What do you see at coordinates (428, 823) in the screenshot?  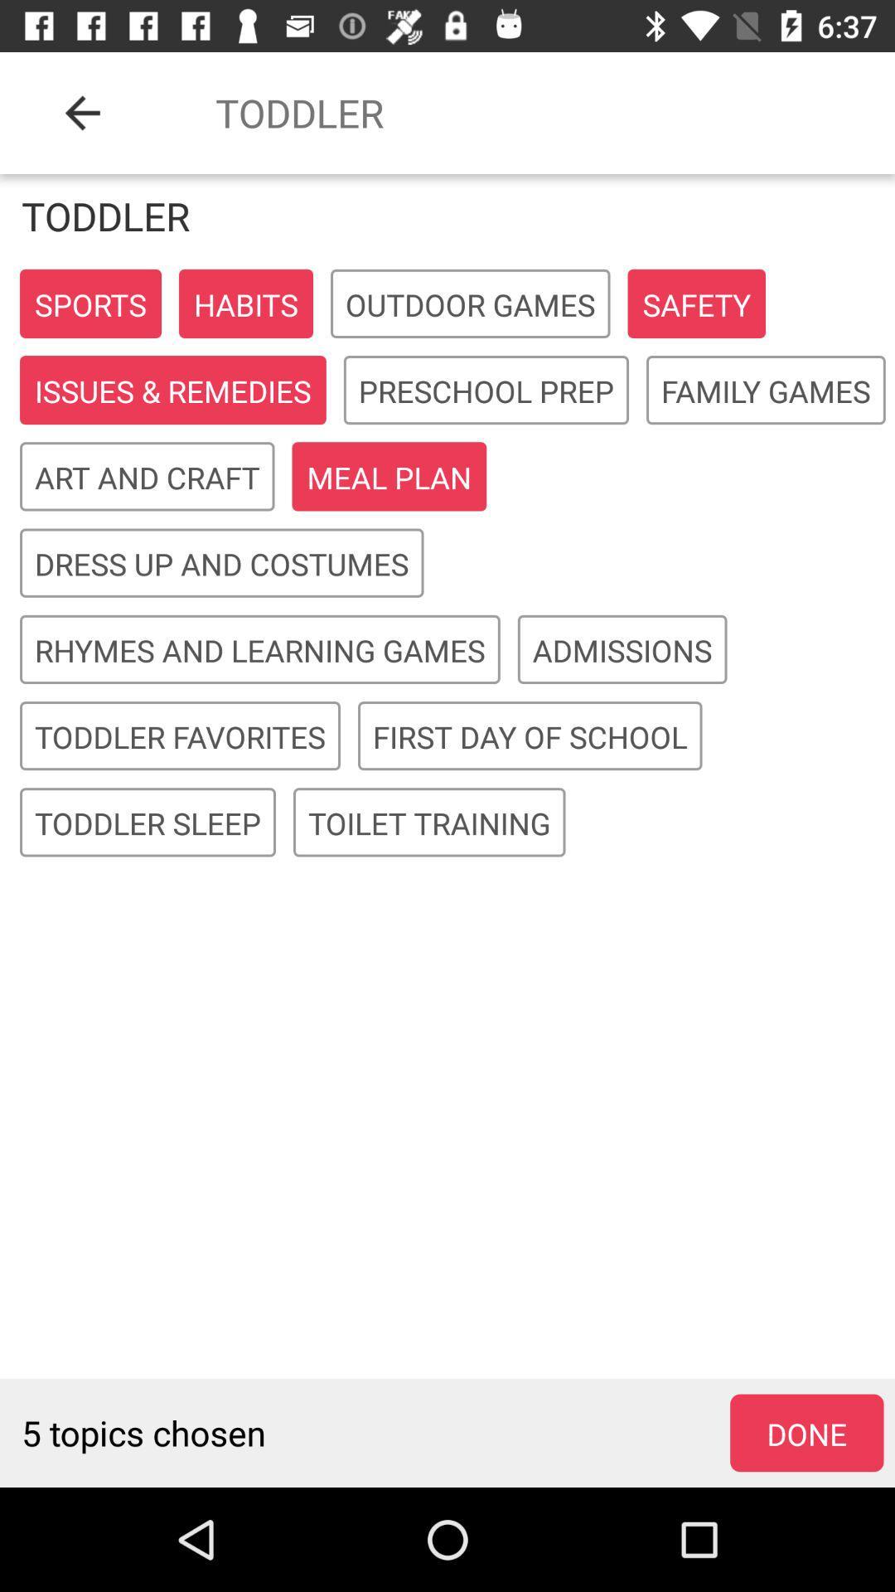 I see `toilet training in the last line` at bounding box center [428, 823].